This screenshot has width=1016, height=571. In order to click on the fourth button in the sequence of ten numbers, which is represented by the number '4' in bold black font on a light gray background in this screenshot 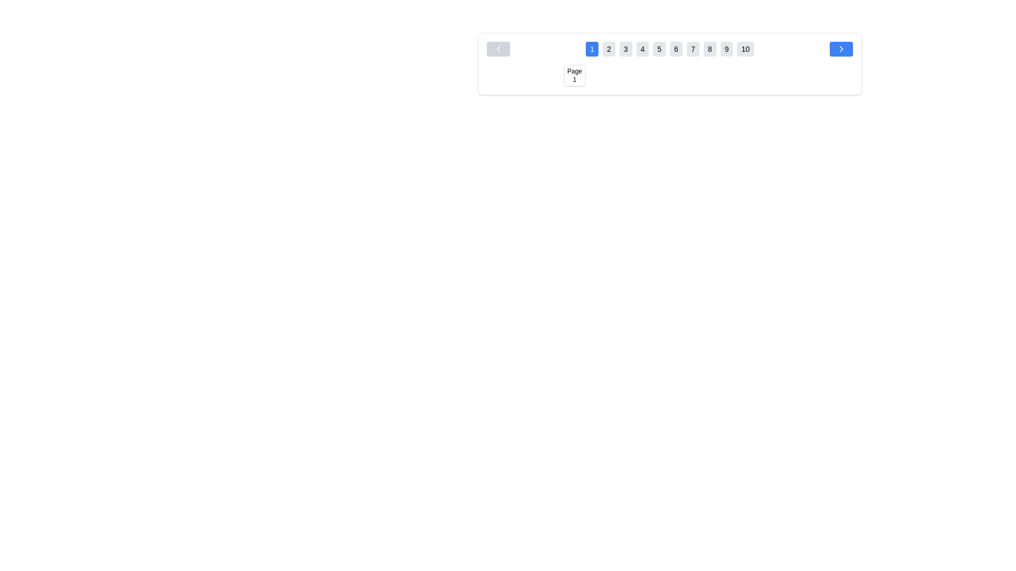, I will do `click(642, 49)`.